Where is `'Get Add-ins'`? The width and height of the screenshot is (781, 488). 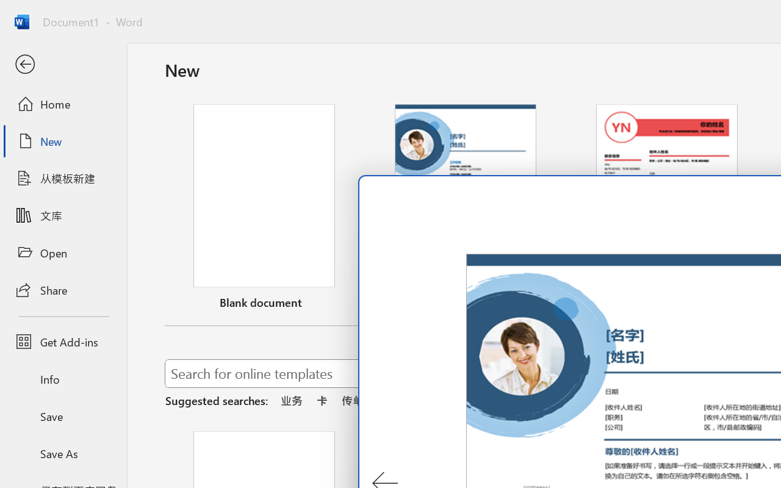 'Get Add-ins' is located at coordinates (63, 342).